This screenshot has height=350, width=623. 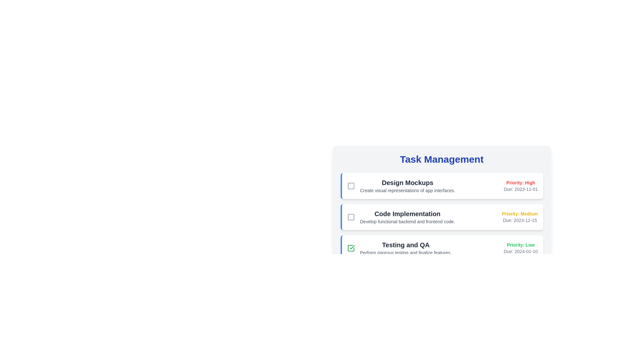 What do you see at coordinates (350, 186) in the screenshot?
I see `the checkbox located at the beginning of the 'Design Mockups' section` at bounding box center [350, 186].